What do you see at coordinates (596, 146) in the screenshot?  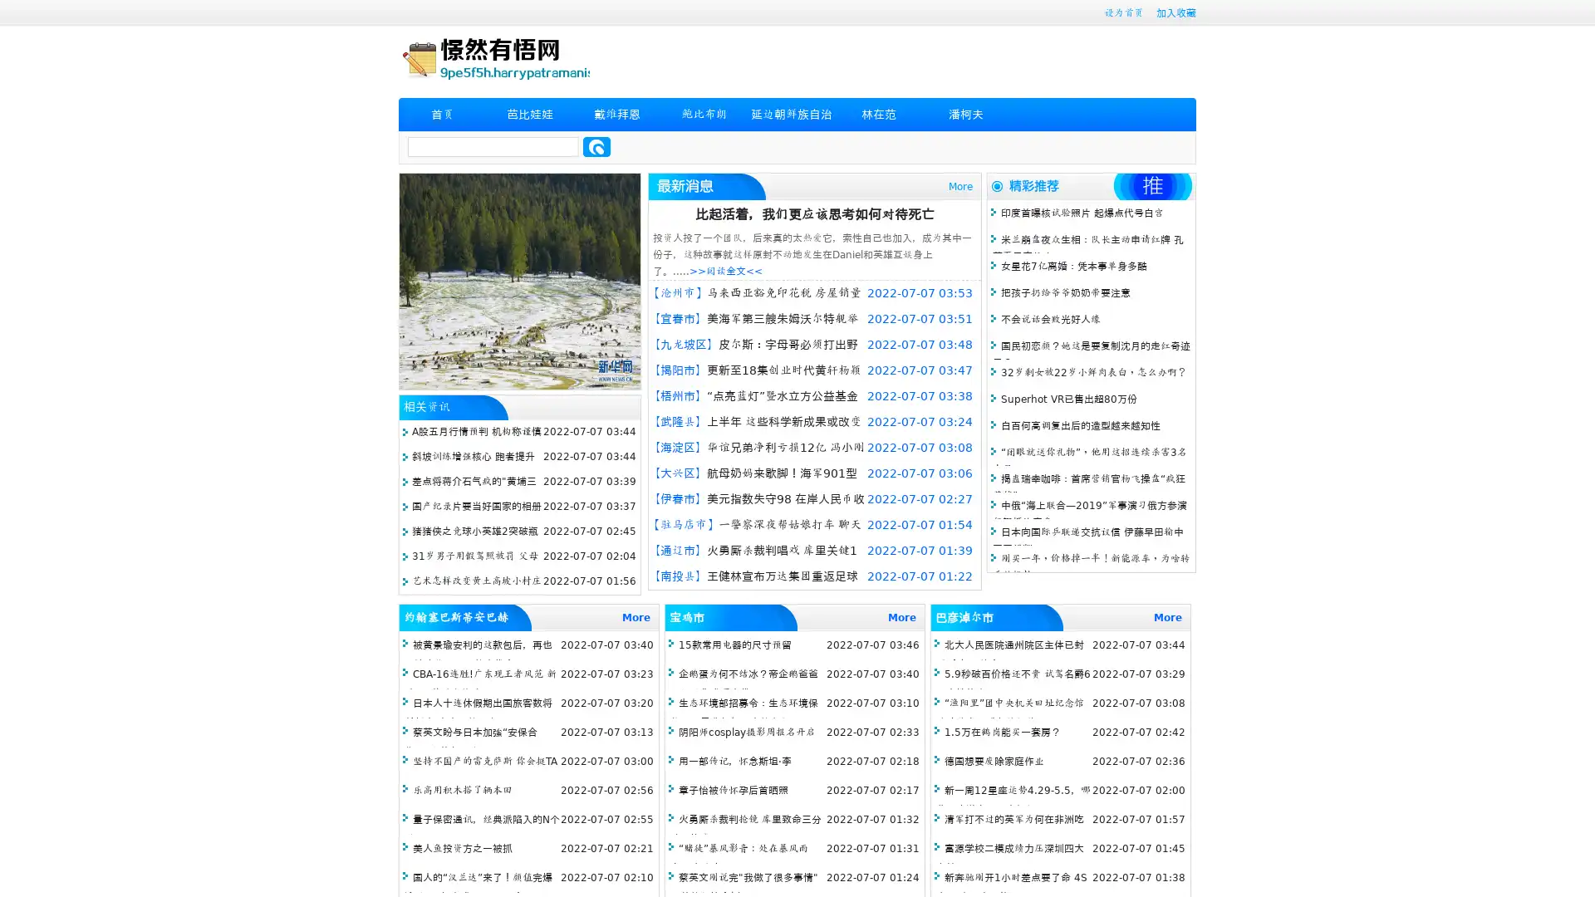 I see `Search` at bounding box center [596, 146].